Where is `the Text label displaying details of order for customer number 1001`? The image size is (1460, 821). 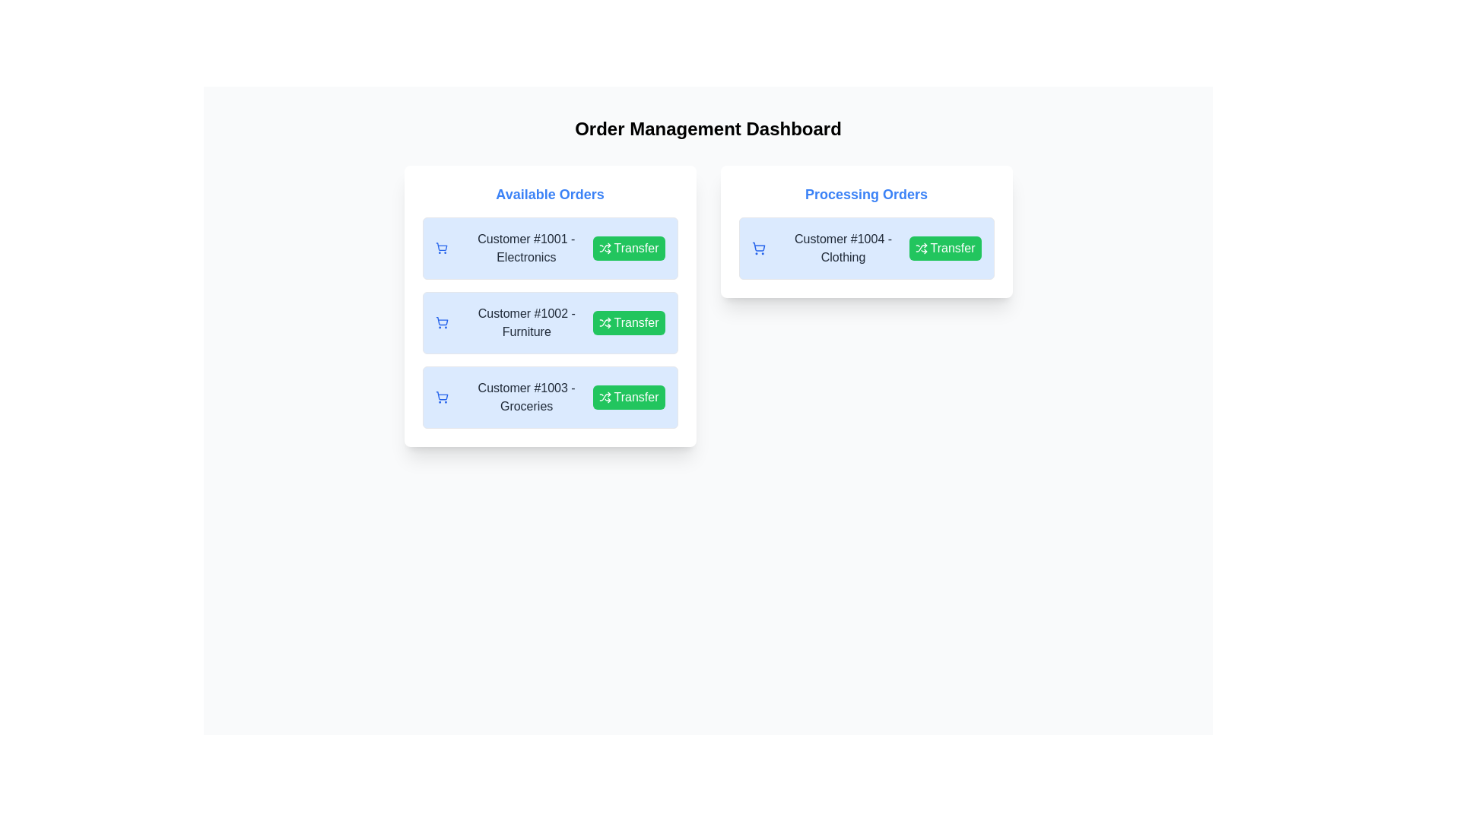 the Text label displaying details of order for customer number 1001 is located at coordinates (514, 248).